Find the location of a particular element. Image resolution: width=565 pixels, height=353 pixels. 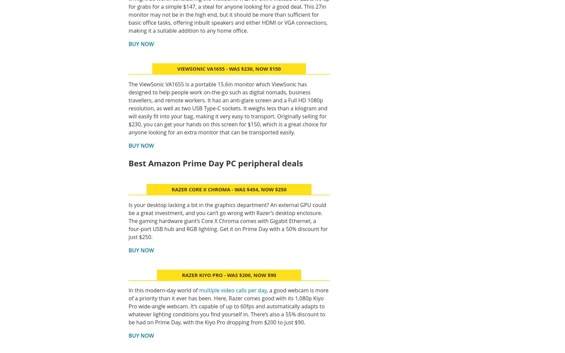

'In this modern-day world of' is located at coordinates (163, 290).